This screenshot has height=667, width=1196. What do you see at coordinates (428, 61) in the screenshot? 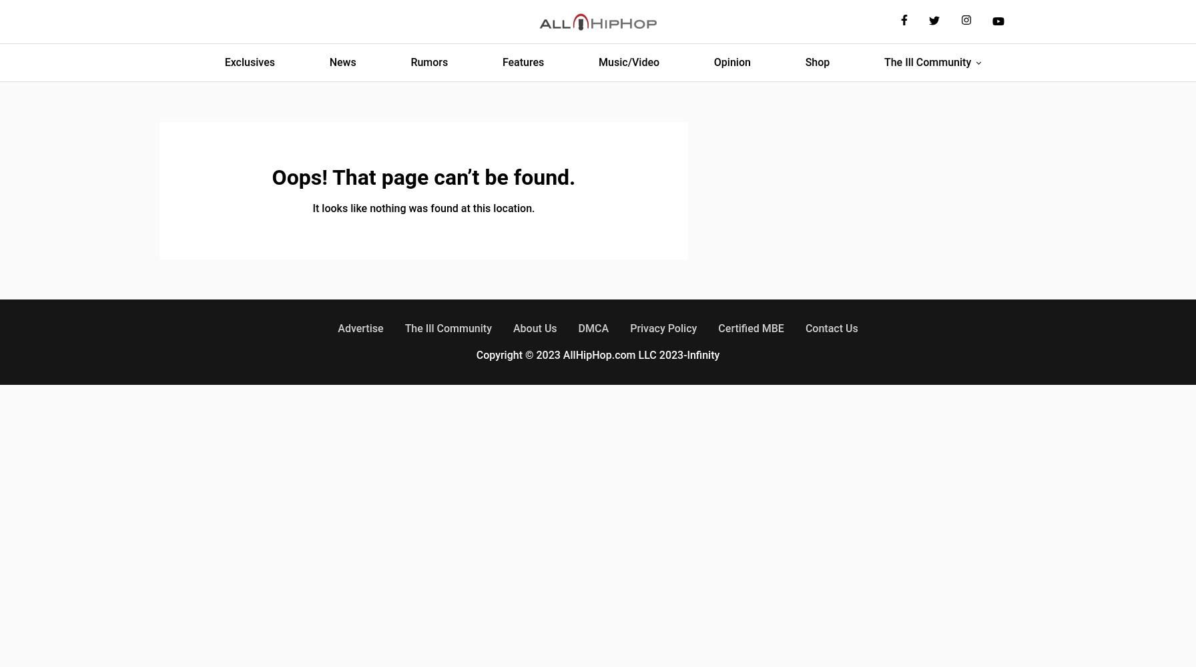
I see `'Rumors'` at bounding box center [428, 61].